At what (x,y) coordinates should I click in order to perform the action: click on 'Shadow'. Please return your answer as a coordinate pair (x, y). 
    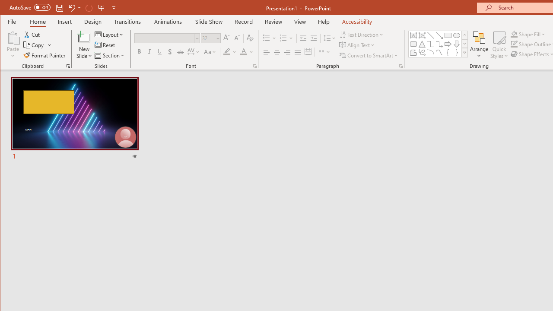
    Looking at the image, I should click on (170, 52).